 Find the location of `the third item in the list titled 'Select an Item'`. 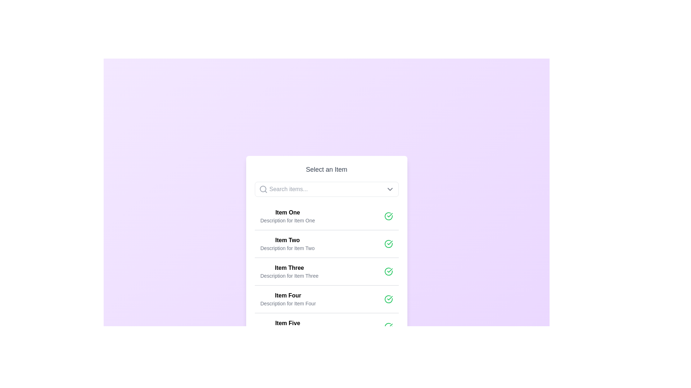

the third item in the list titled 'Select an Item' is located at coordinates (326, 272).